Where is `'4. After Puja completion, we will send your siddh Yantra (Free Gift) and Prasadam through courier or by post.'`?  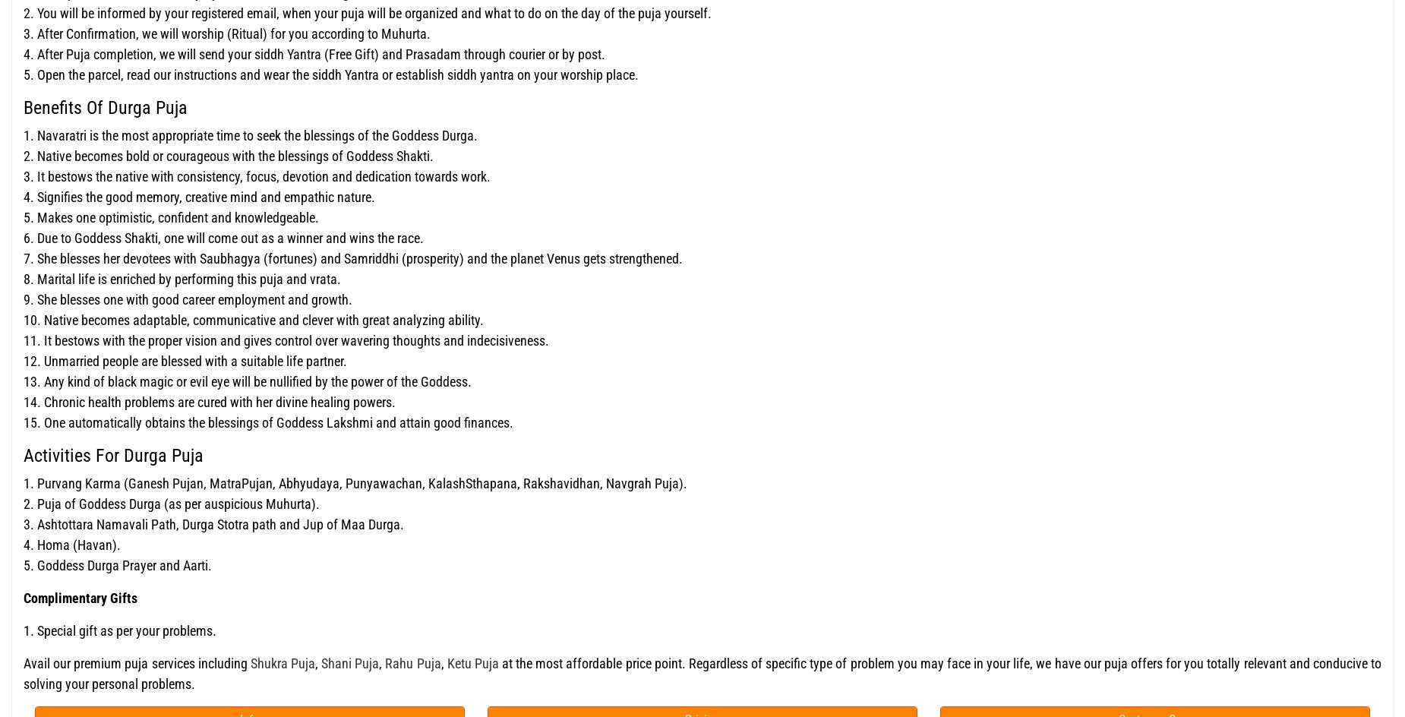 '4. After Puja completion, we will send your siddh Yantra (Free Gift) and Prasadam through courier or by post.' is located at coordinates (314, 53).